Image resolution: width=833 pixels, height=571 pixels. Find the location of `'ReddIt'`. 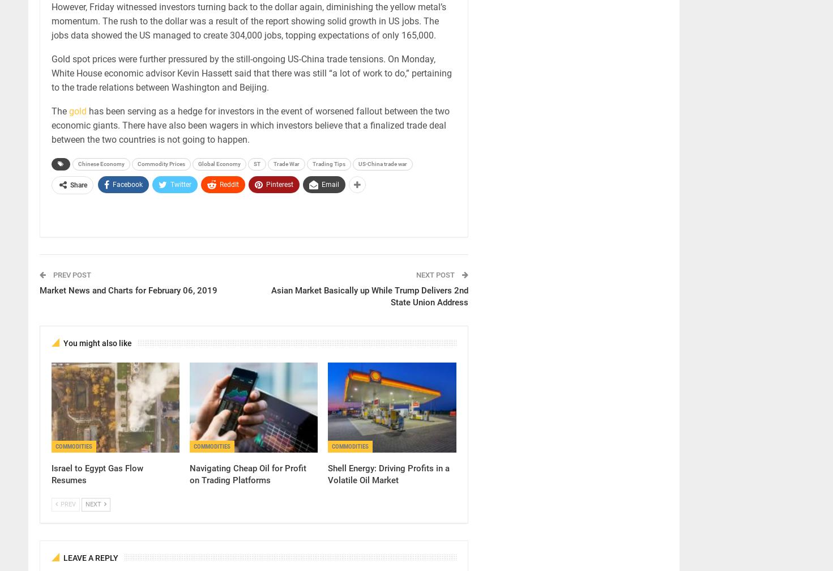

'ReddIt' is located at coordinates (228, 184).